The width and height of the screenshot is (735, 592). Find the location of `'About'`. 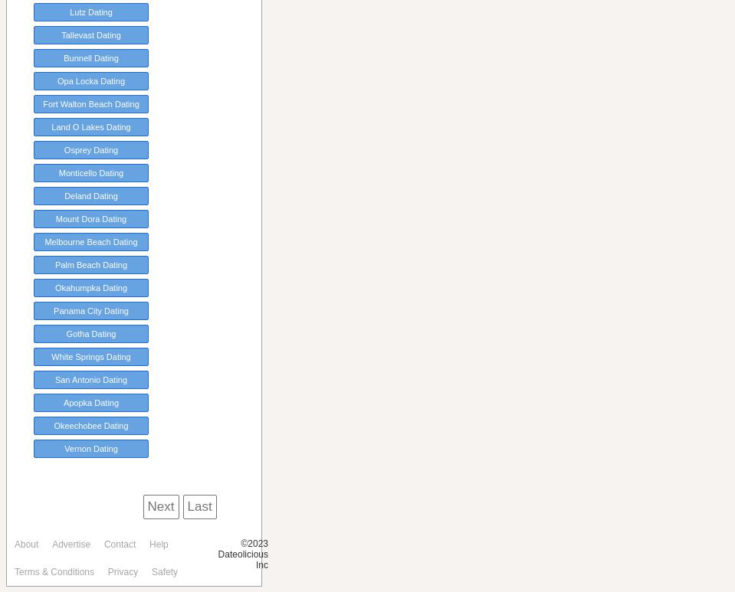

'About' is located at coordinates (13, 545).